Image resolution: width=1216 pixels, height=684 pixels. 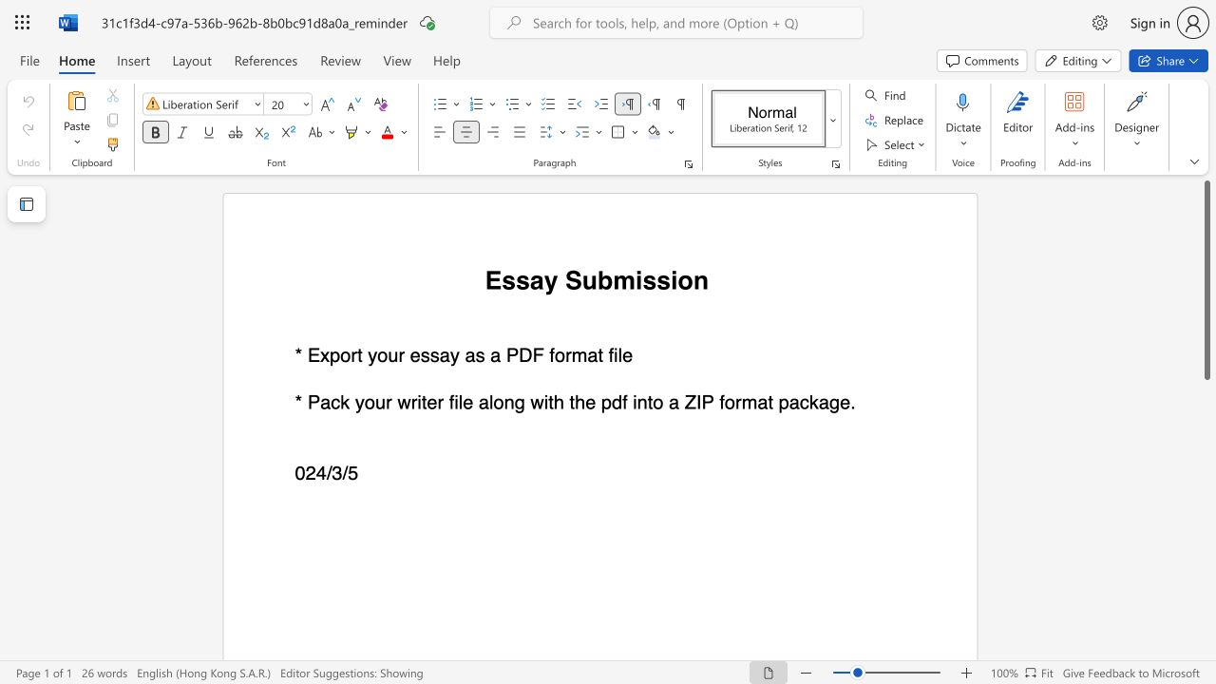 What do you see at coordinates (542, 280) in the screenshot?
I see `the subset text "y Submi" within the text "Essay Submission"` at bounding box center [542, 280].